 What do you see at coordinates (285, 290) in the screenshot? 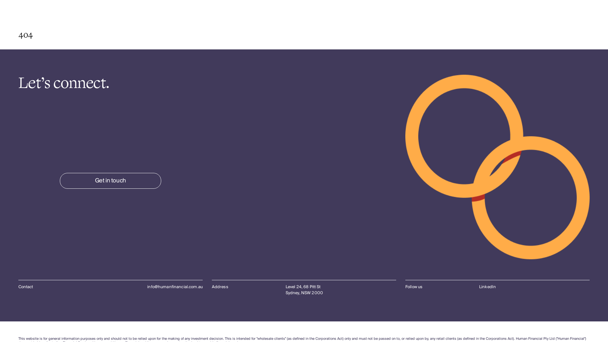
I see `'Level 24, 68 Pitt St` at bounding box center [285, 290].